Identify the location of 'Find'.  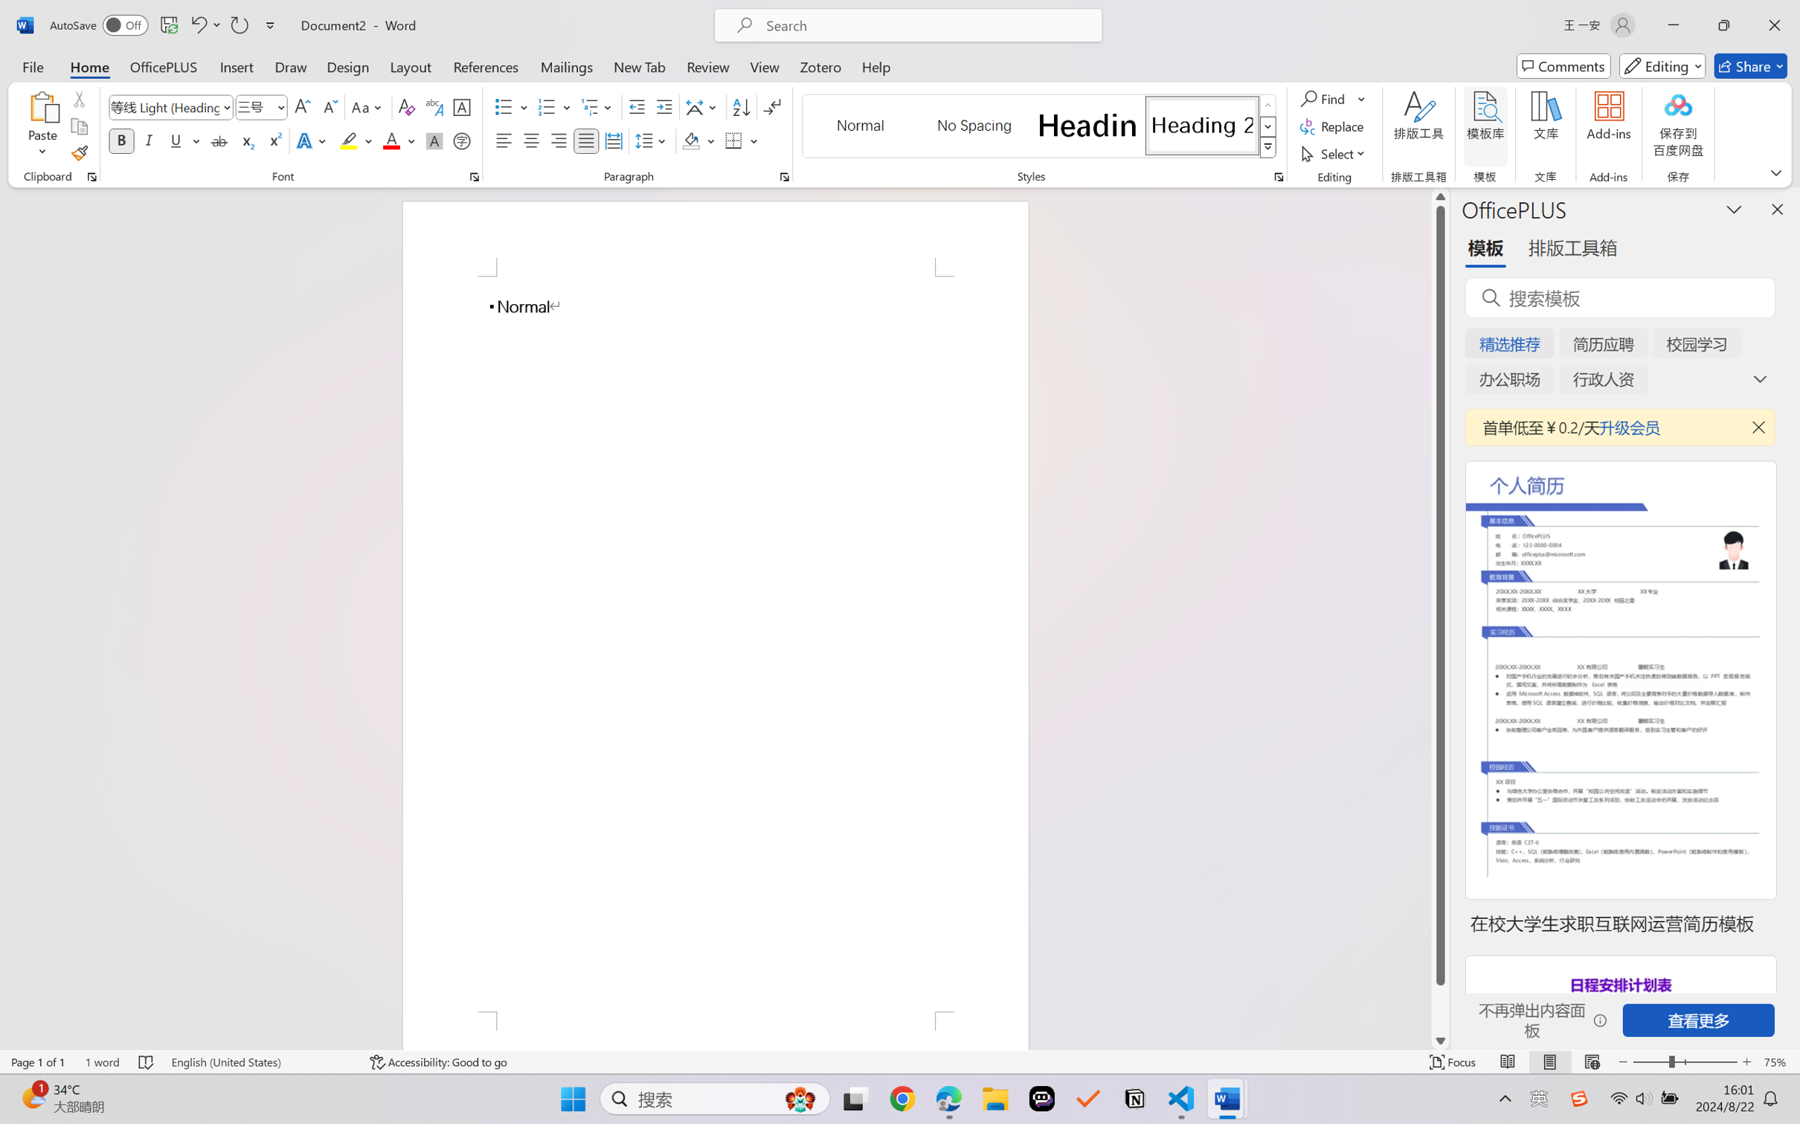
(1324, 97).